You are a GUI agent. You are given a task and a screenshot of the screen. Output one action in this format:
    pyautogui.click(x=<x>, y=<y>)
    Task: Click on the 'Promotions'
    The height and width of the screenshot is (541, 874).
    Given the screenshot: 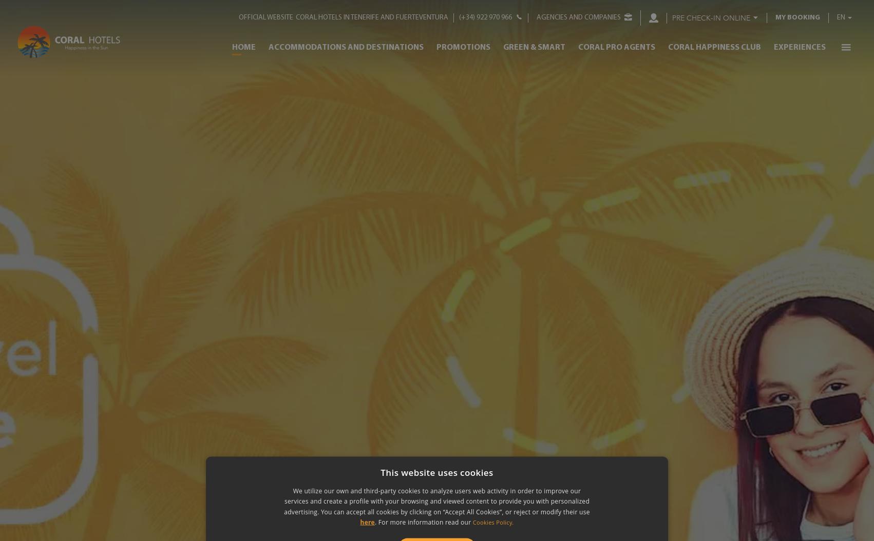 What is the action you would take?
    pyautogui.click(x=463, y=46)
    